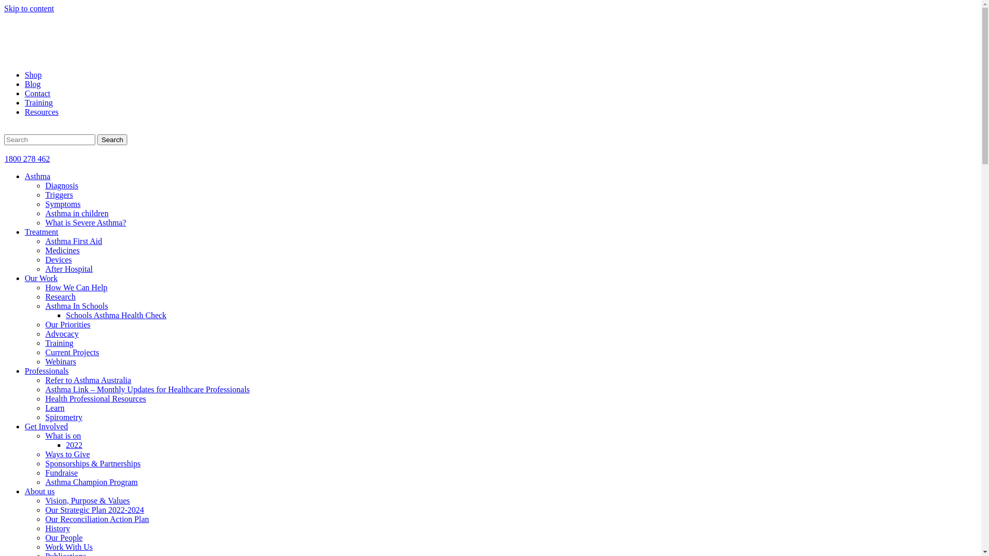 This screenshot has height=556, width=989. Describe the element at coordinates (58, 259) in the screenshot. I see `'Devices'` at that location.